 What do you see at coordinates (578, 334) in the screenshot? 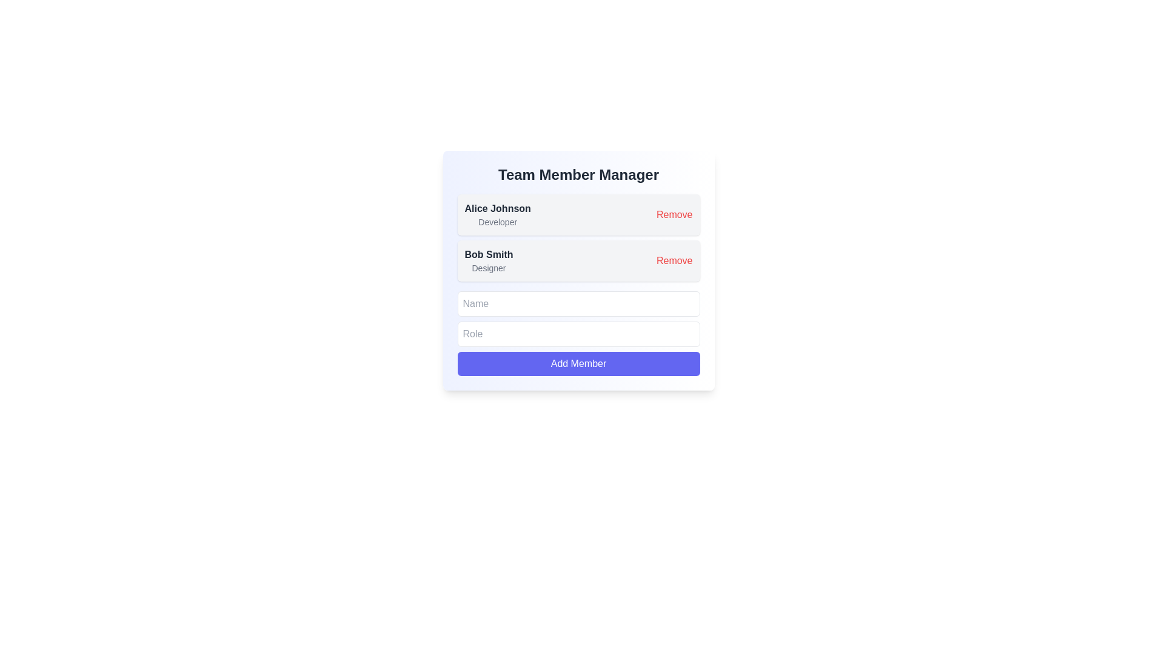
I see `the input fields for 'Name' and 'Role' within the 'Team Member Manager' panel, specifically targeting the Interactive form section` at bounding box center [578, 334].